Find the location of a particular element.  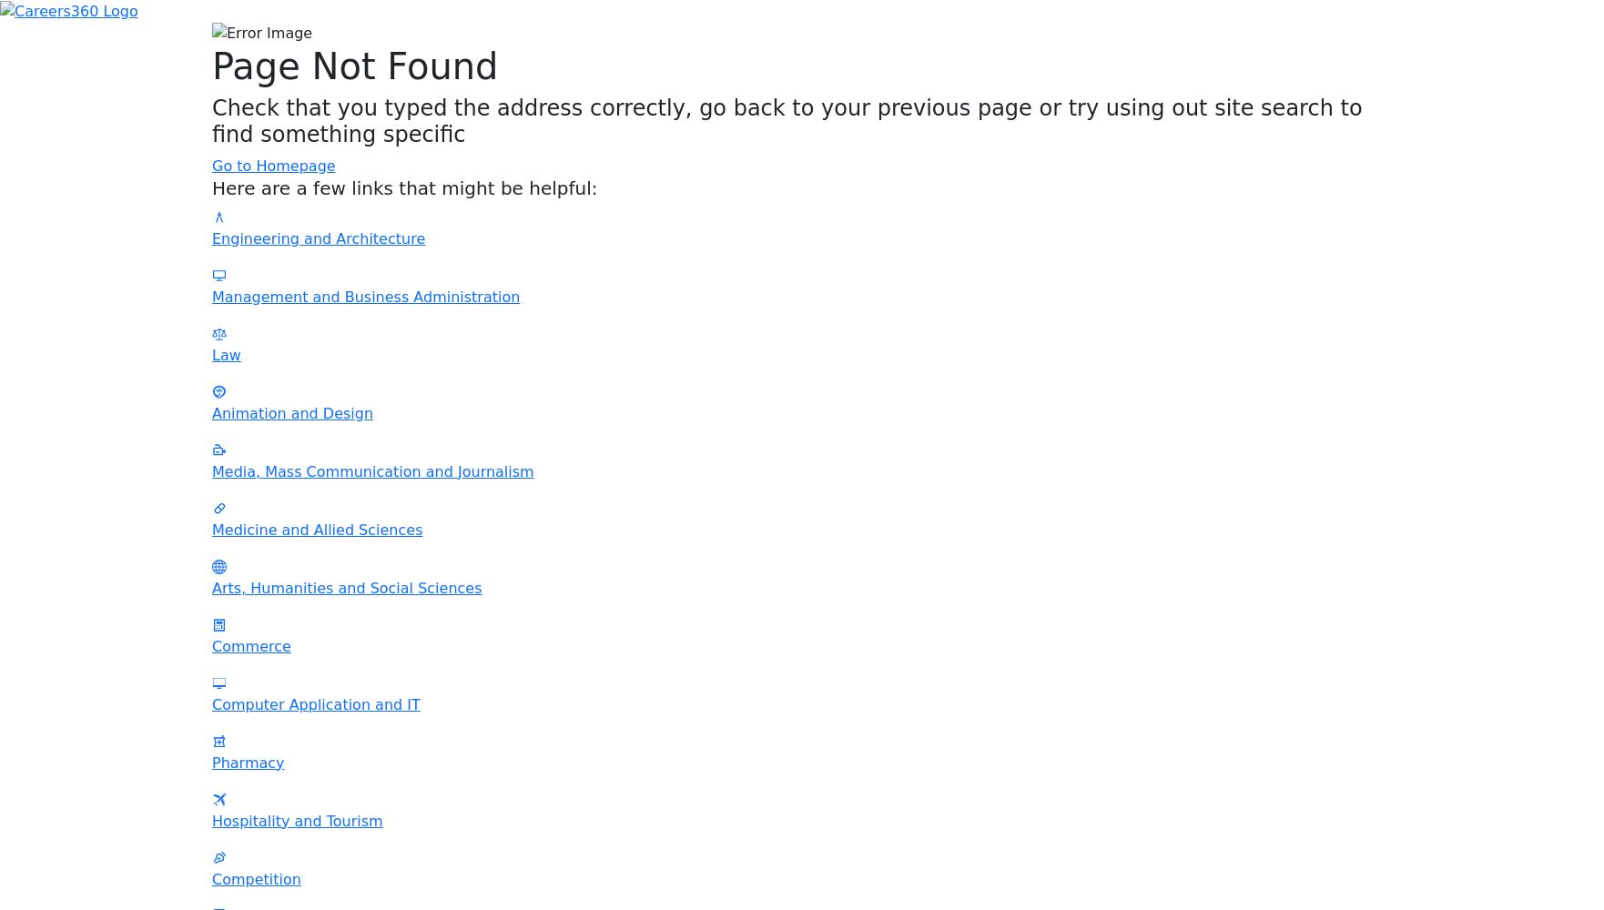

'Commerce' is located at coordinates (250, 644).